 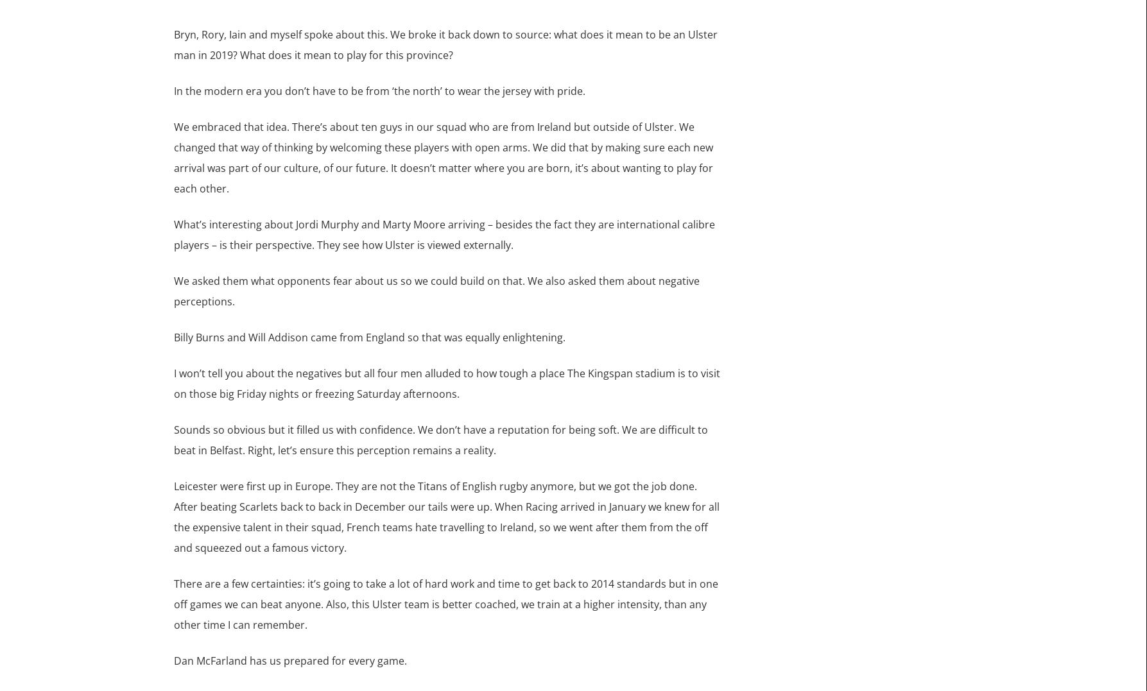 I want to click on 'What’s interesting about Jordi Murphy and Marty Moore arriving – besides the fact they are international calibre players – is their perspective. They see how Ulster is viewed externally.', so click(x=443, y=233).